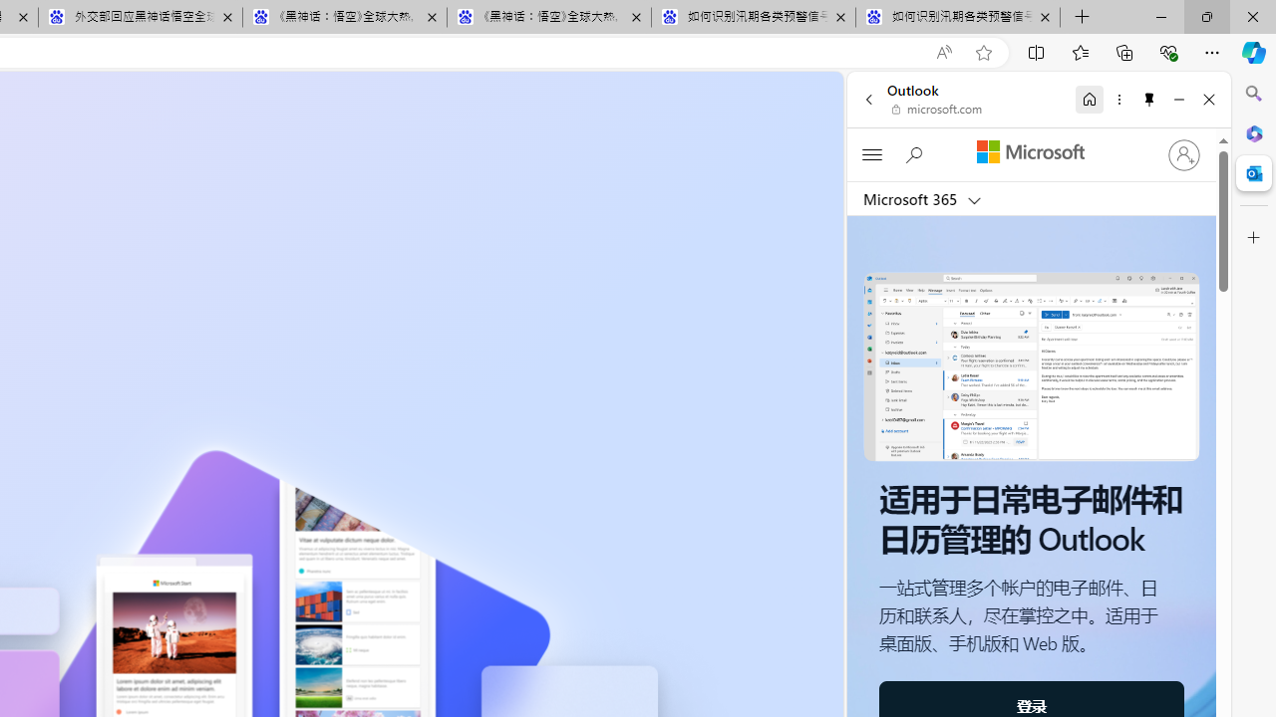 The image size is (1276, 717). Describe the element at coordinates (1089, 99) in the screenshot. I see `'Home'` at that location.